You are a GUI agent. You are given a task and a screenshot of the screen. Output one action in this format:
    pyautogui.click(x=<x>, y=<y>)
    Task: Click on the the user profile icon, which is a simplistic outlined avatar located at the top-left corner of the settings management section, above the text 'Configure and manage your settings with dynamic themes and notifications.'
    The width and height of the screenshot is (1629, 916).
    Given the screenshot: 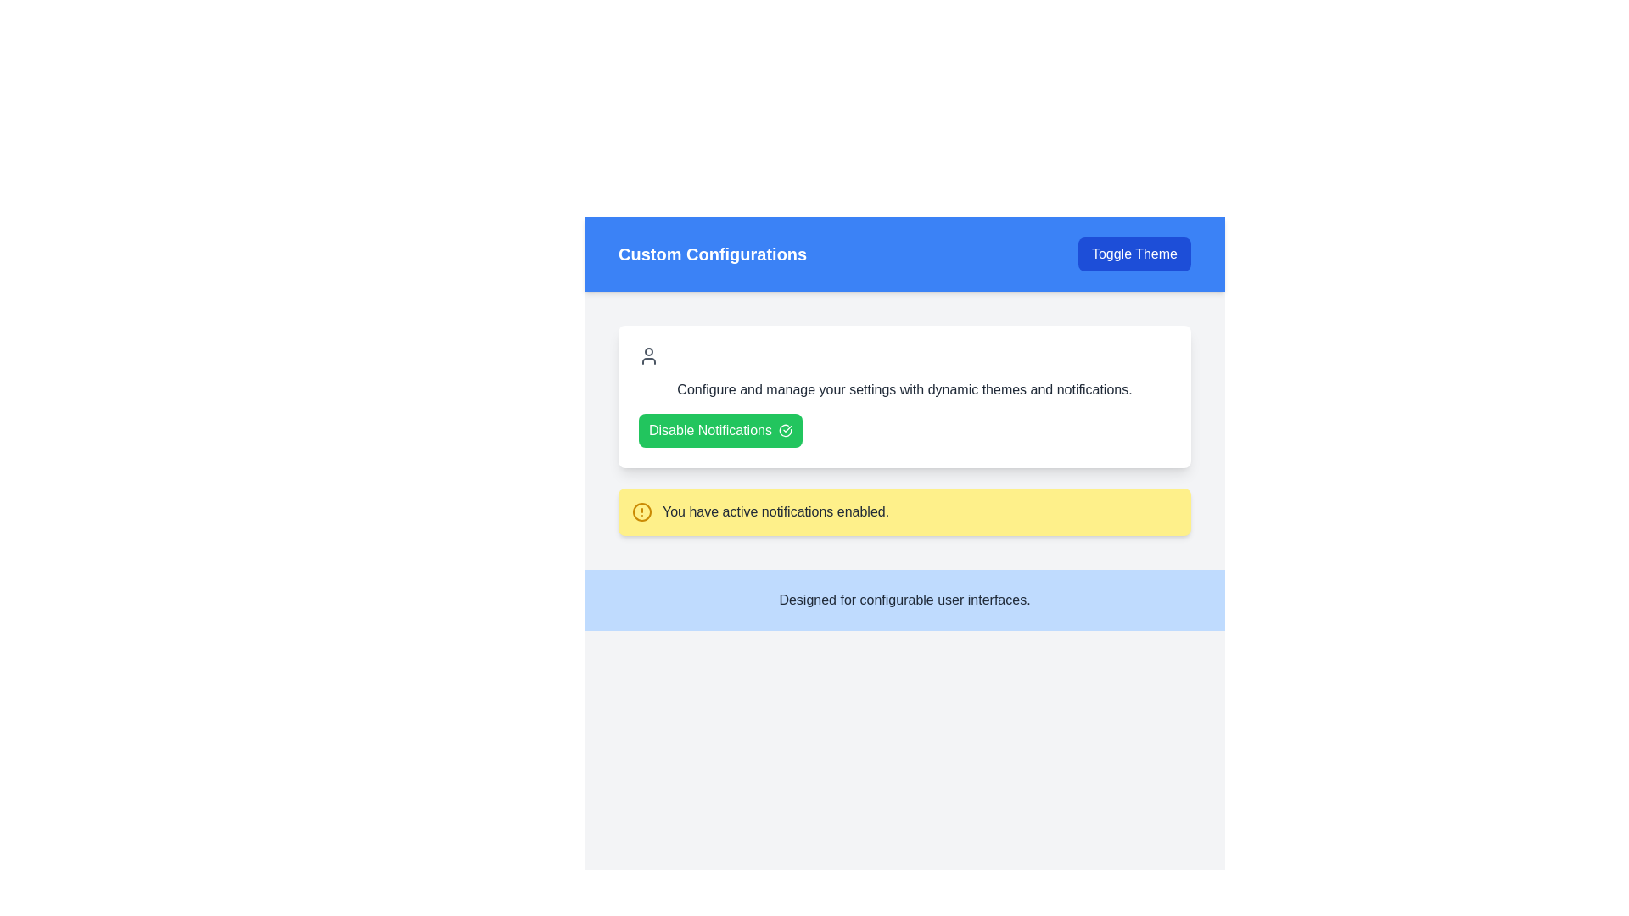 What is the action you would take?
    pyautogui.click(x=647, y=355)
    